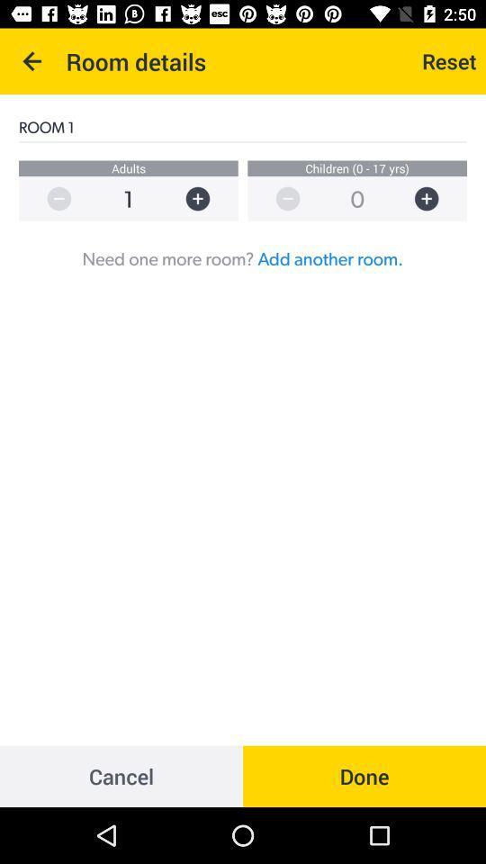  What do you see at coordinates (448, 61) in the screenshot?
I see `reset icon` at bounding box center [448, 61].